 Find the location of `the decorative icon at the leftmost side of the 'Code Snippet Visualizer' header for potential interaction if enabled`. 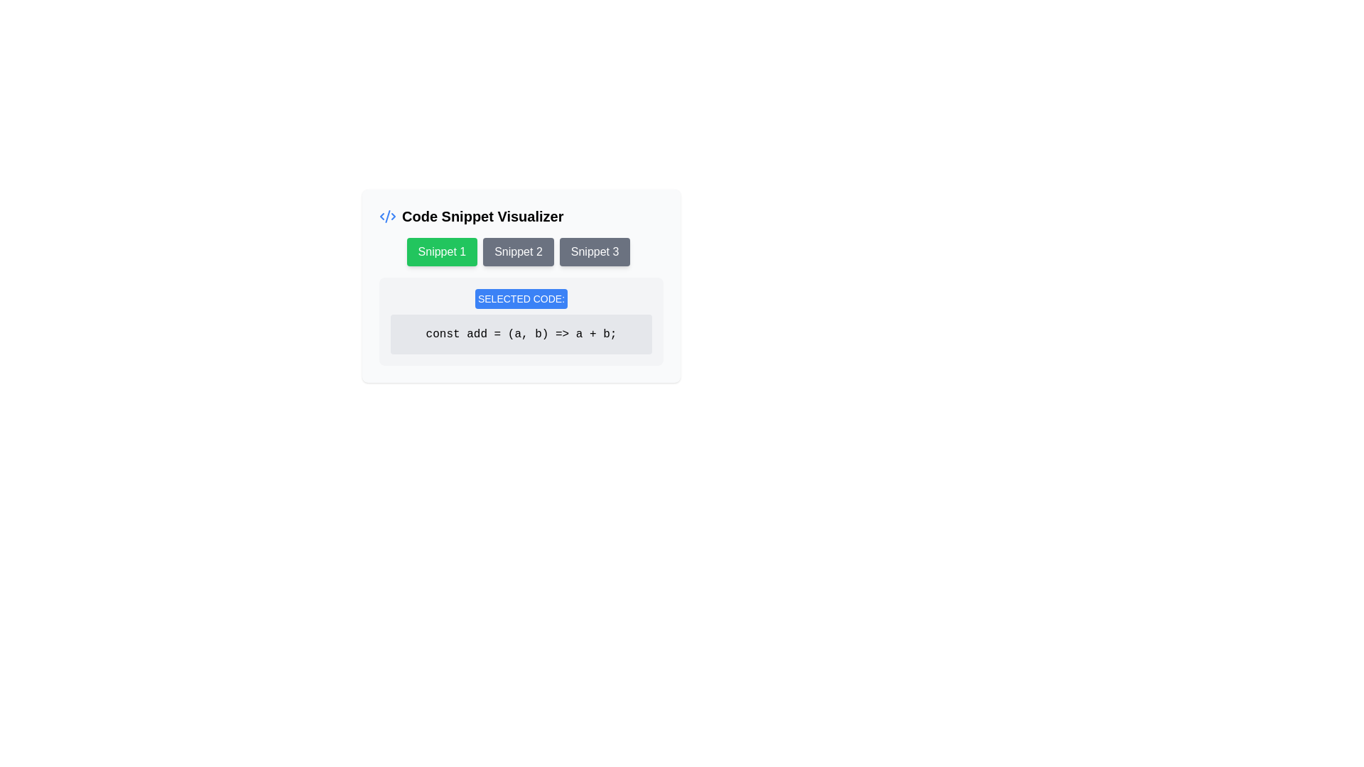

the decorative icon at the leftmost side of the 'Code Snippet Visualizer' header for potential interaction if enabled is located at coordinates (388, 216).